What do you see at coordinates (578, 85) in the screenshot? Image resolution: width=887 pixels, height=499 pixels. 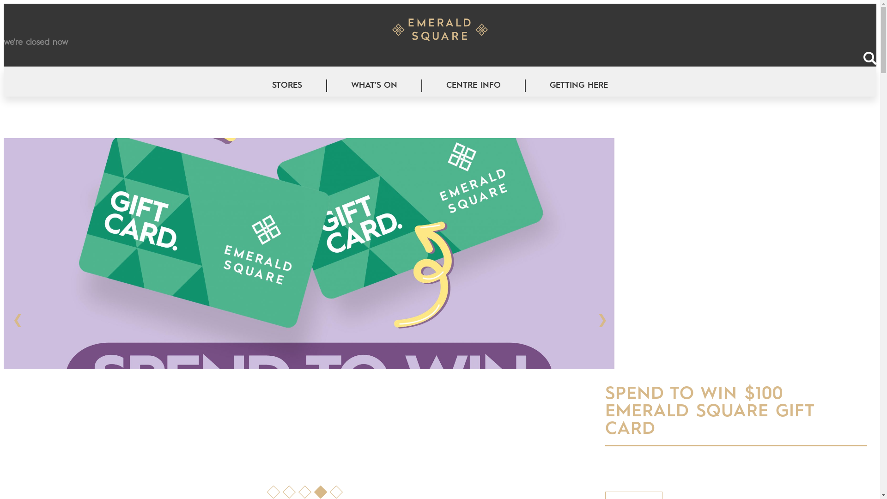 I see `'GETTING HERE'` at bounding box center [578, 85].